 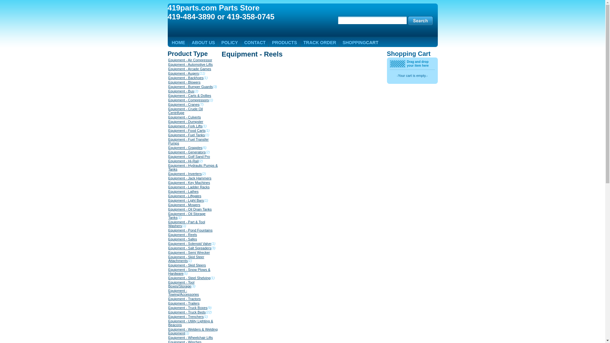 I want to click on 'Equipment - Jack Hammers', so click(x=190, y=178).